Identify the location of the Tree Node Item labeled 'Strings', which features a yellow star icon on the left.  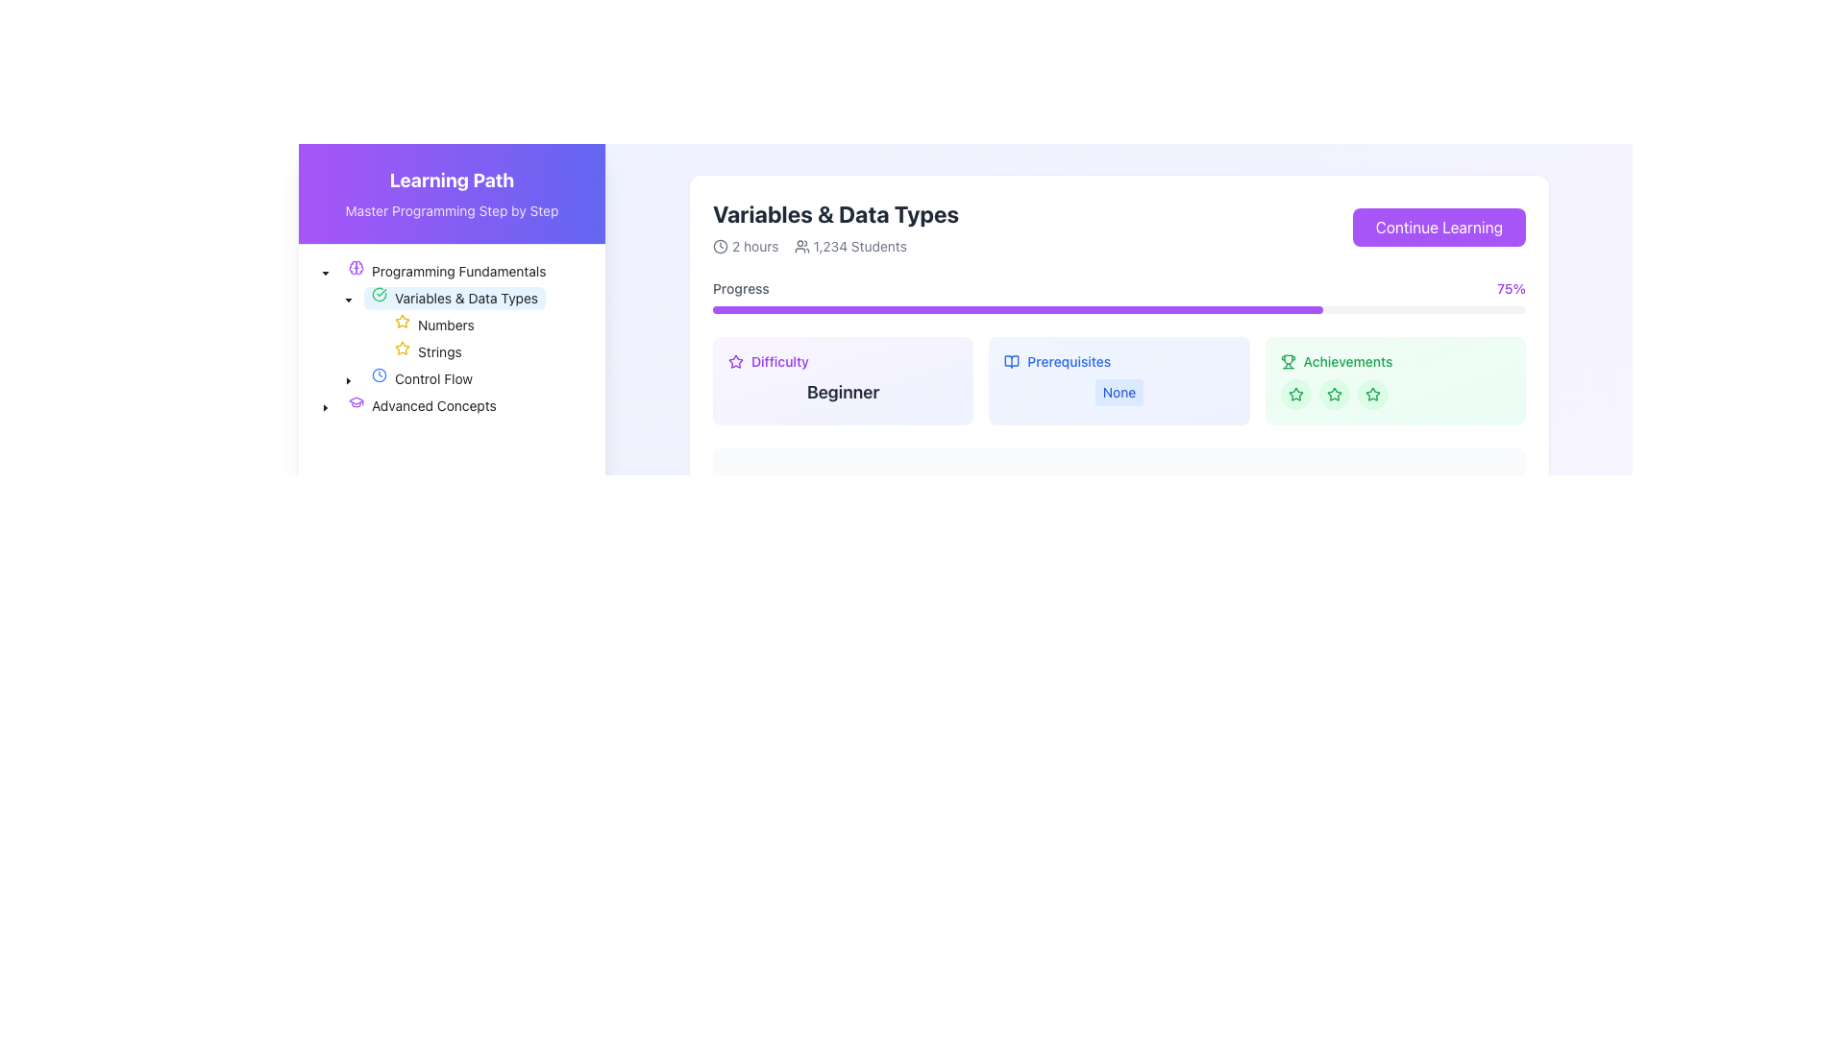
(390, 351).